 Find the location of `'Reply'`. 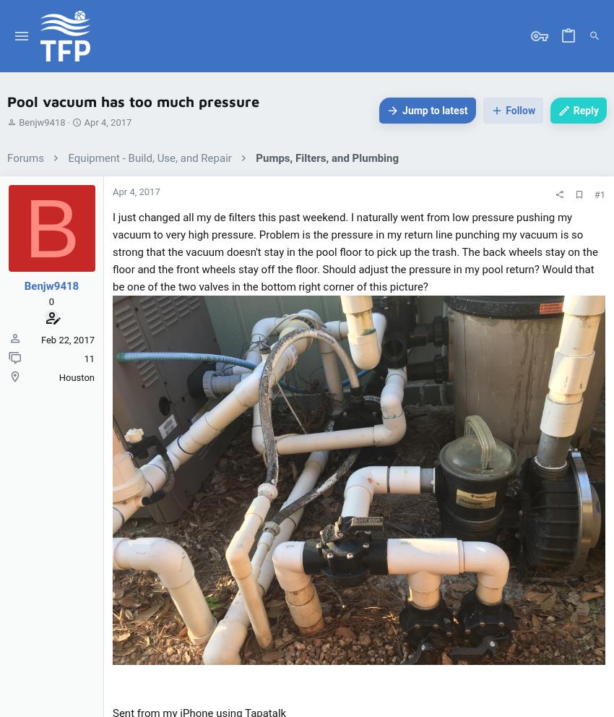

'Reply' is located at coordinates (585, 109).